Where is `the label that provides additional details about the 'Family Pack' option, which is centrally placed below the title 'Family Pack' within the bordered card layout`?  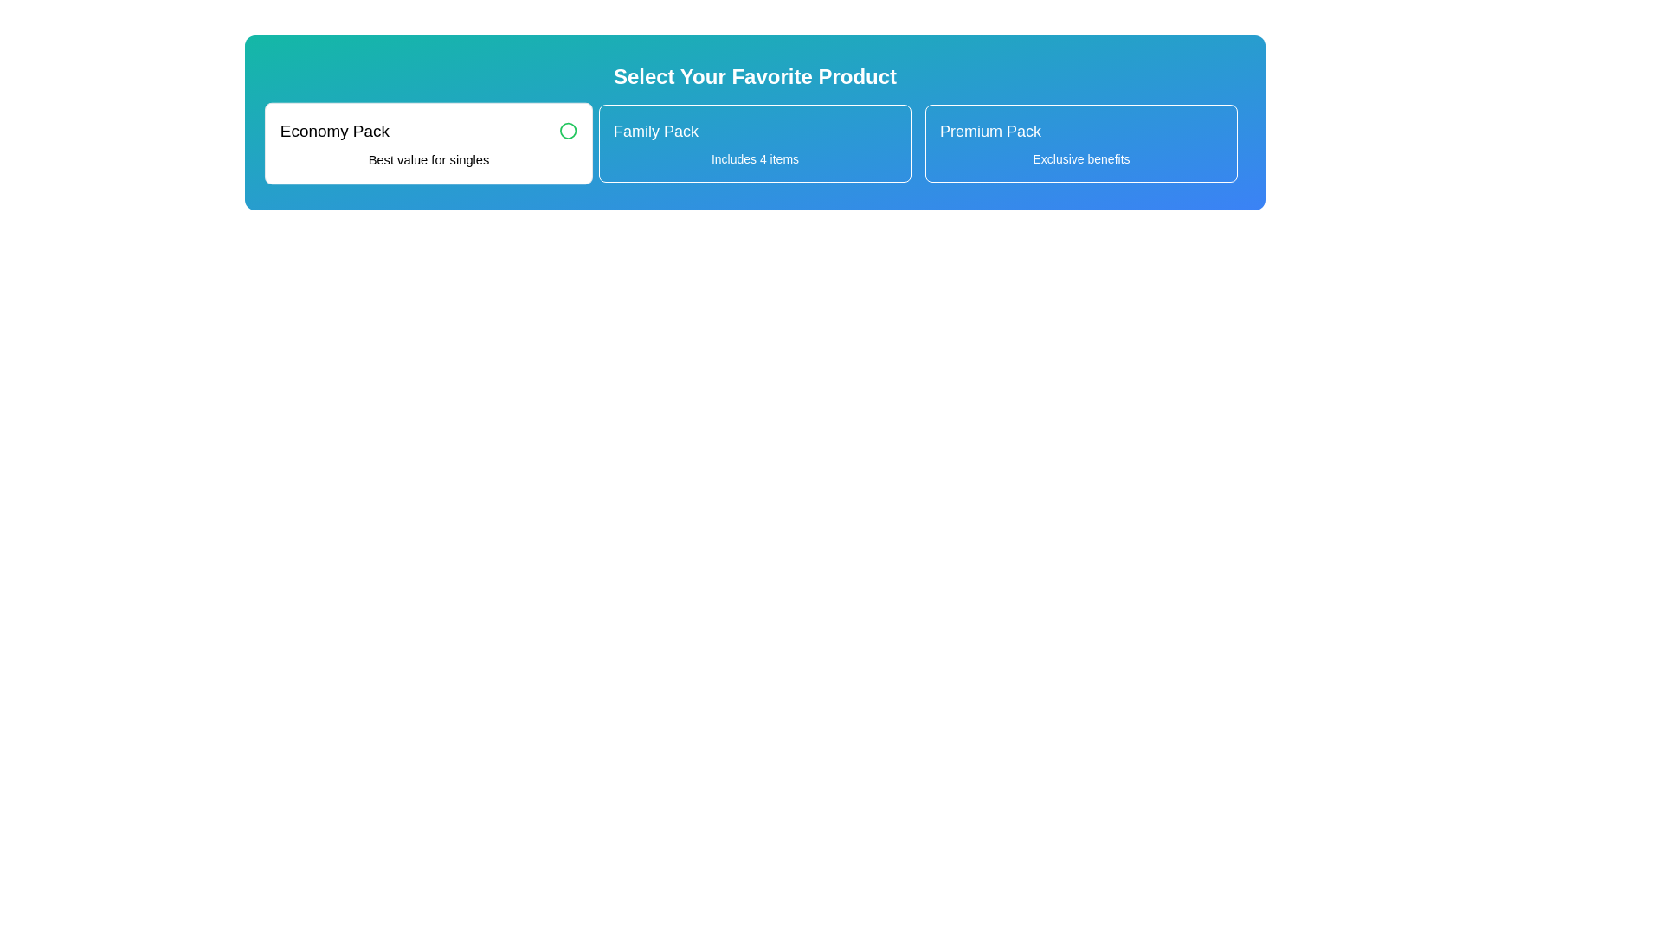 the label that provides additional details about the 'Family Pack' option, which is centrally placed below the title 'Family Pack' within the bordered card layout is located at coordinates (755, 159).